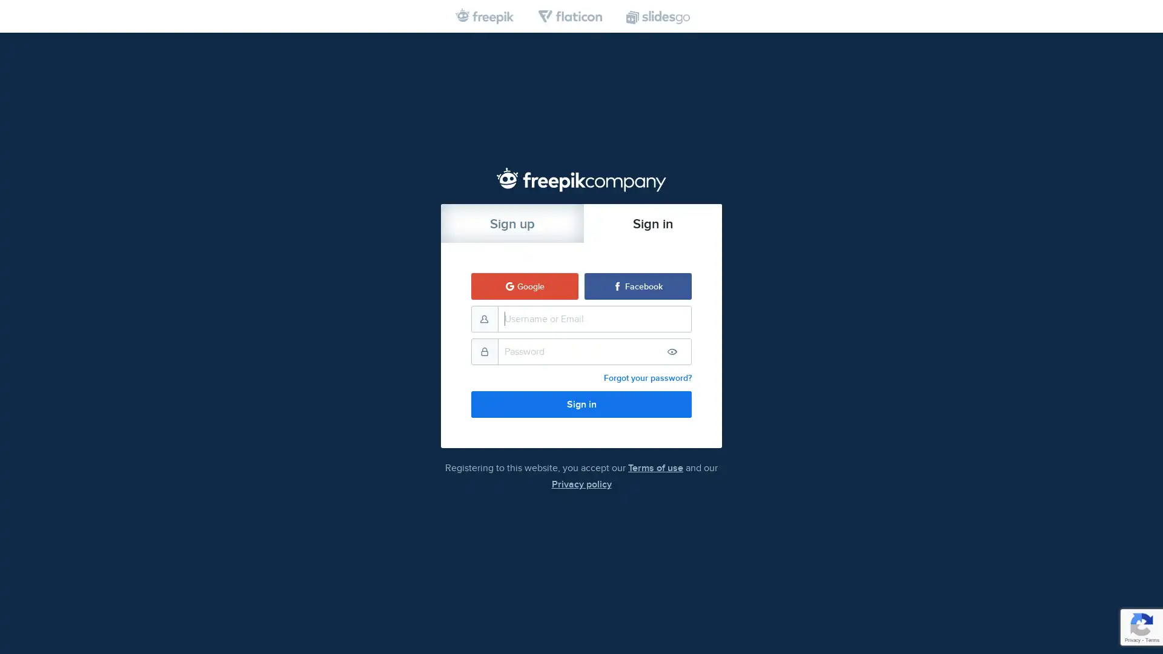 Image resolution: width=1163 pixels, height=654 pixels. Describe the element at coordinates (637, 285) in the screenshot. I see `Facebook` at that location.